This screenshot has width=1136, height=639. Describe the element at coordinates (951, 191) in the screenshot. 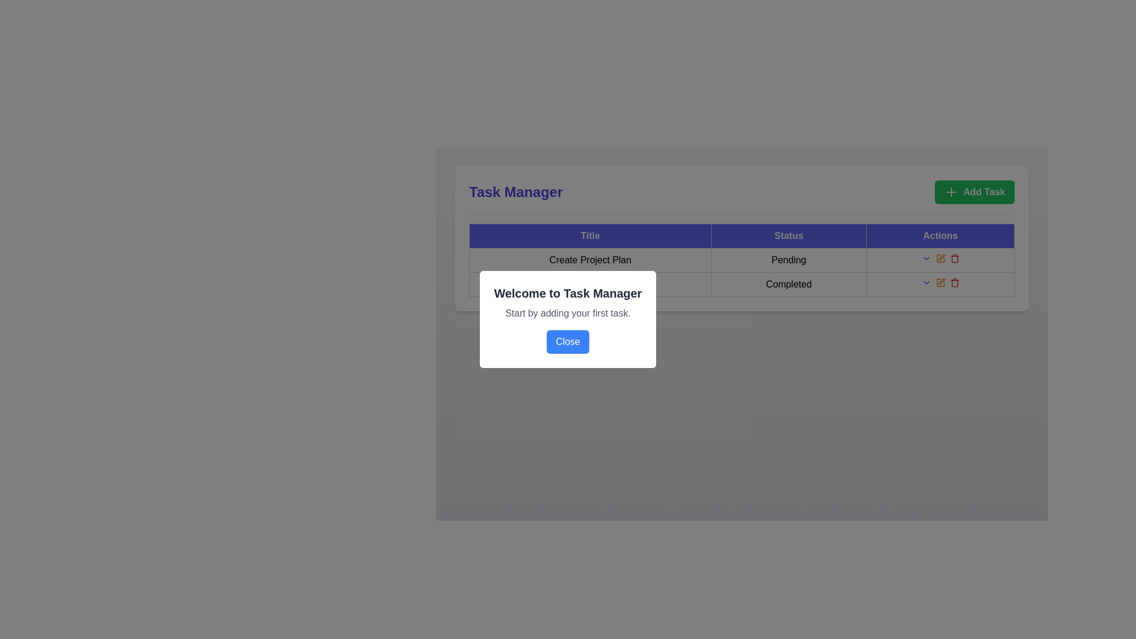

I see `the 'Add Task' icon located on the top right portion of the interface to indicate the functionality of adding a task` at that location.